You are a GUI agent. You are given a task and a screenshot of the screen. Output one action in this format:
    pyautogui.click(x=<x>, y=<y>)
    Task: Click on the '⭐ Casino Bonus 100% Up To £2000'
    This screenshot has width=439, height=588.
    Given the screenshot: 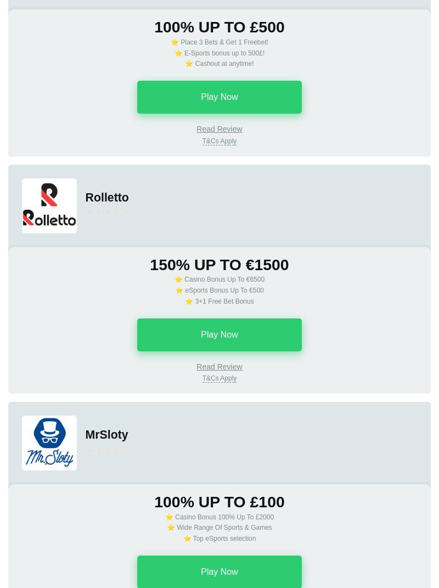 What is the action you would take?
    pyautogui.click(x=165, y=516)
    